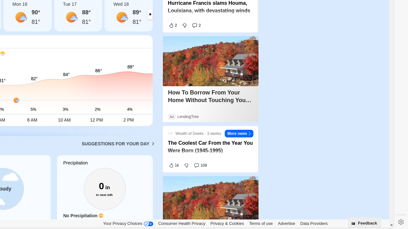 The image size is (408, 229). Describe the element at coordinates (314, 223) in the screenshot. I see `'Data Providers'` at that location.